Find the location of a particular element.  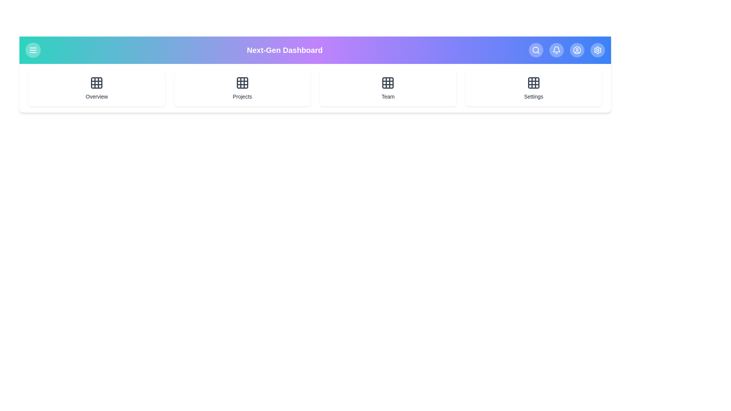

the grid item labeled Projects to navigate to that section is located at coordinates (242, 88).